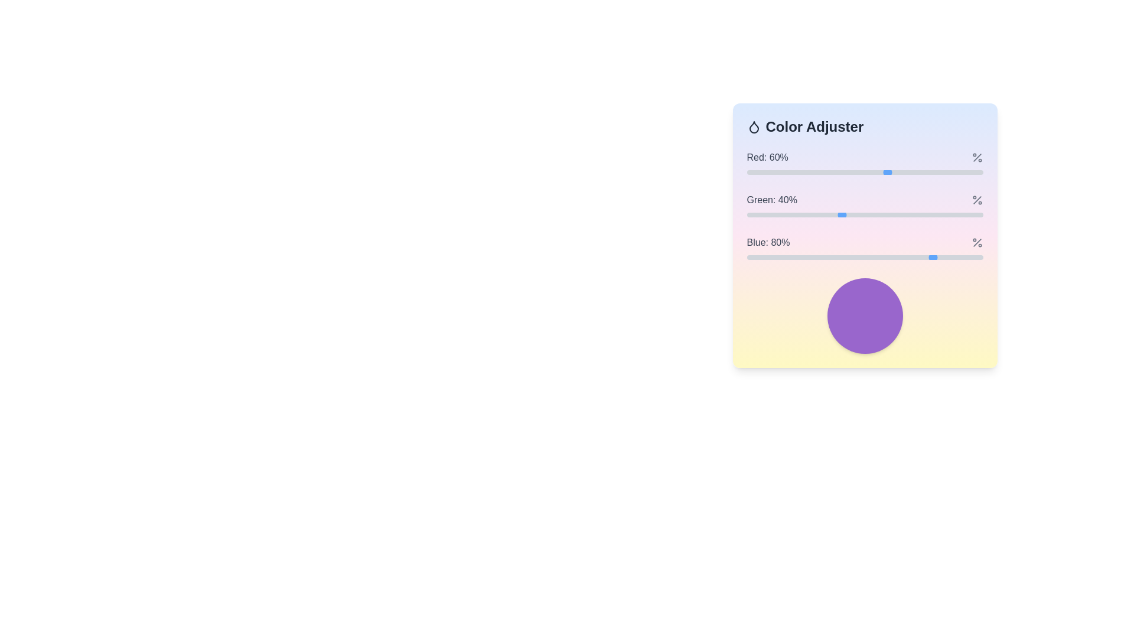  I want to click on the green color level slider to 48%, so click(860, 214).